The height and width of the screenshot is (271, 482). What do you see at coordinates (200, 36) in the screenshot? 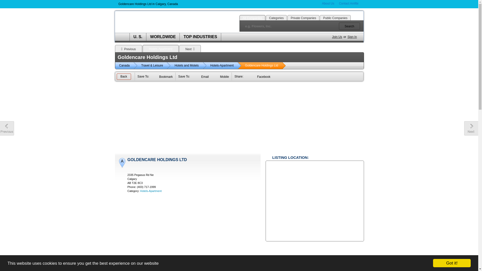
I see `'TOP INDUSTRIES'` at bounding box center [200, 36].